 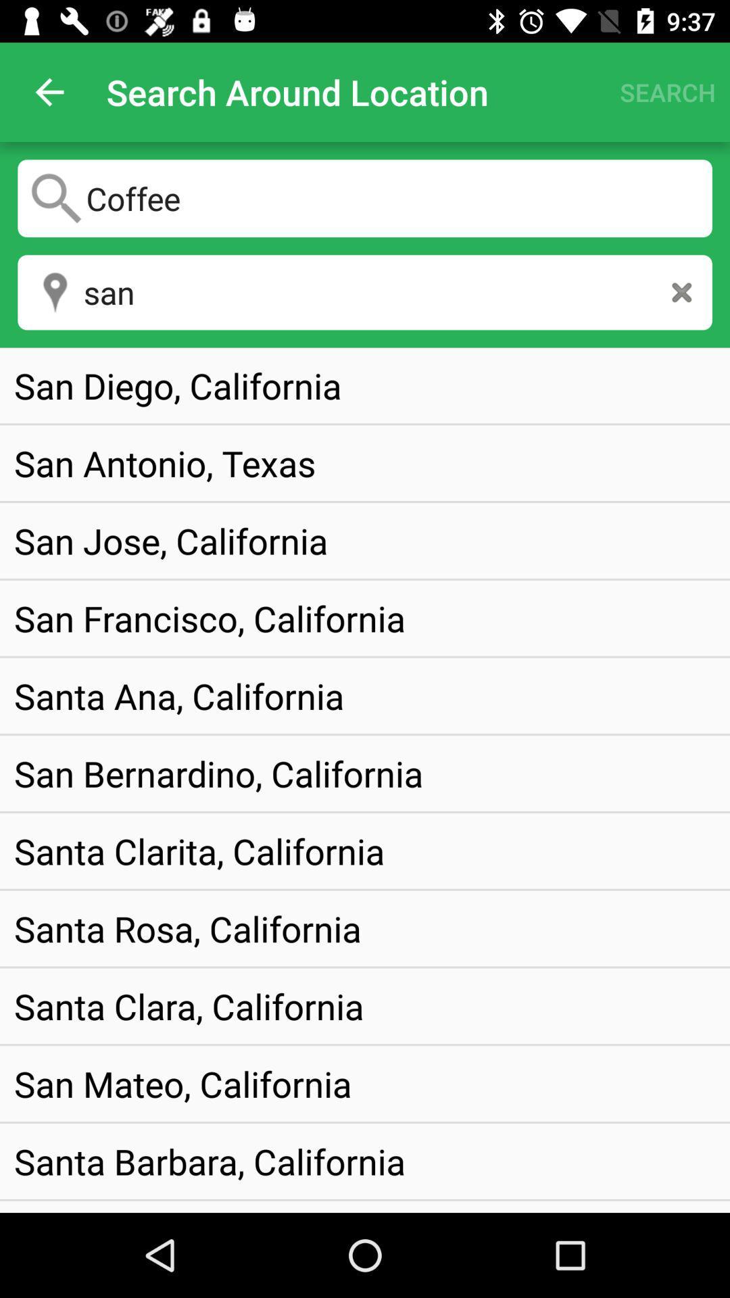 I want to click on santa clarita, california icon, so click(x=199, y=850).